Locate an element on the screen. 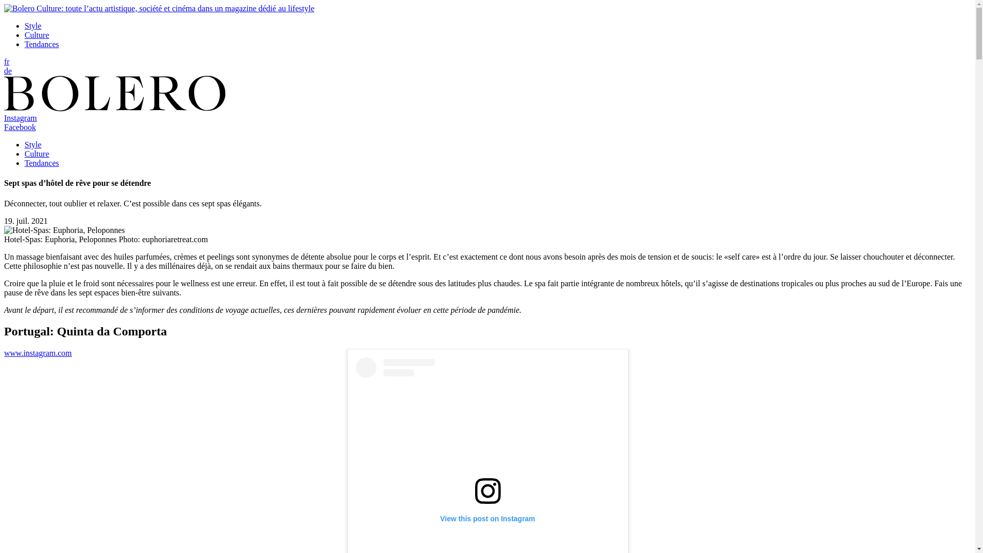 This screenshot has width=983, height=553. 'Facebook' is located at coordinates (19, 126).